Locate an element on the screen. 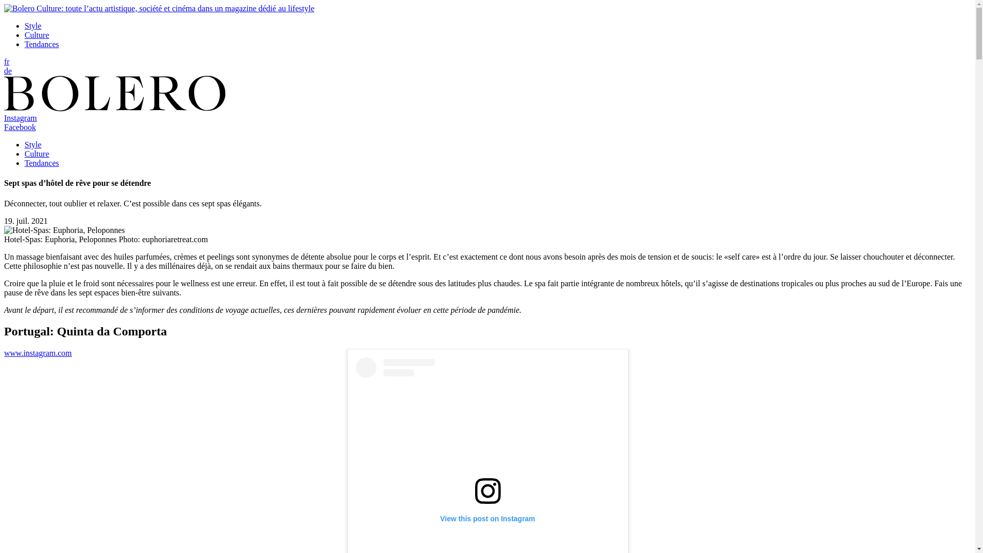 This screenshot has width=983, height=553. 'Facebook' is located at coordinates (19, 126).